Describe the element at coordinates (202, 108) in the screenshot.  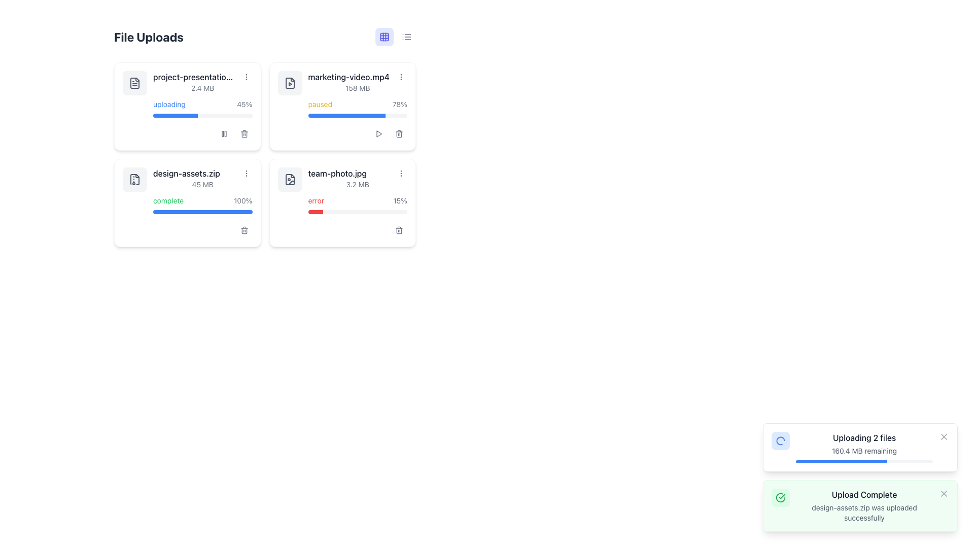
I see `the progress of the file upload visually by focusing on the progress bar and associated text located at the bottom section of the 'project-presentation.pptx' card within the 'File Uploads' interface` at that location.